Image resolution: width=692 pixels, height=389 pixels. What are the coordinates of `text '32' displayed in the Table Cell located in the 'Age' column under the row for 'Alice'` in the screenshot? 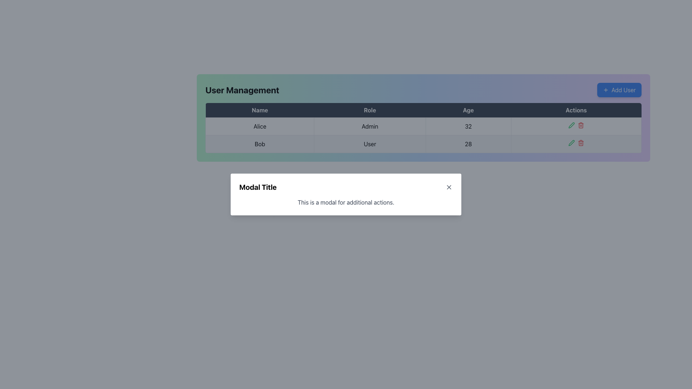 It's located at (468, 126).